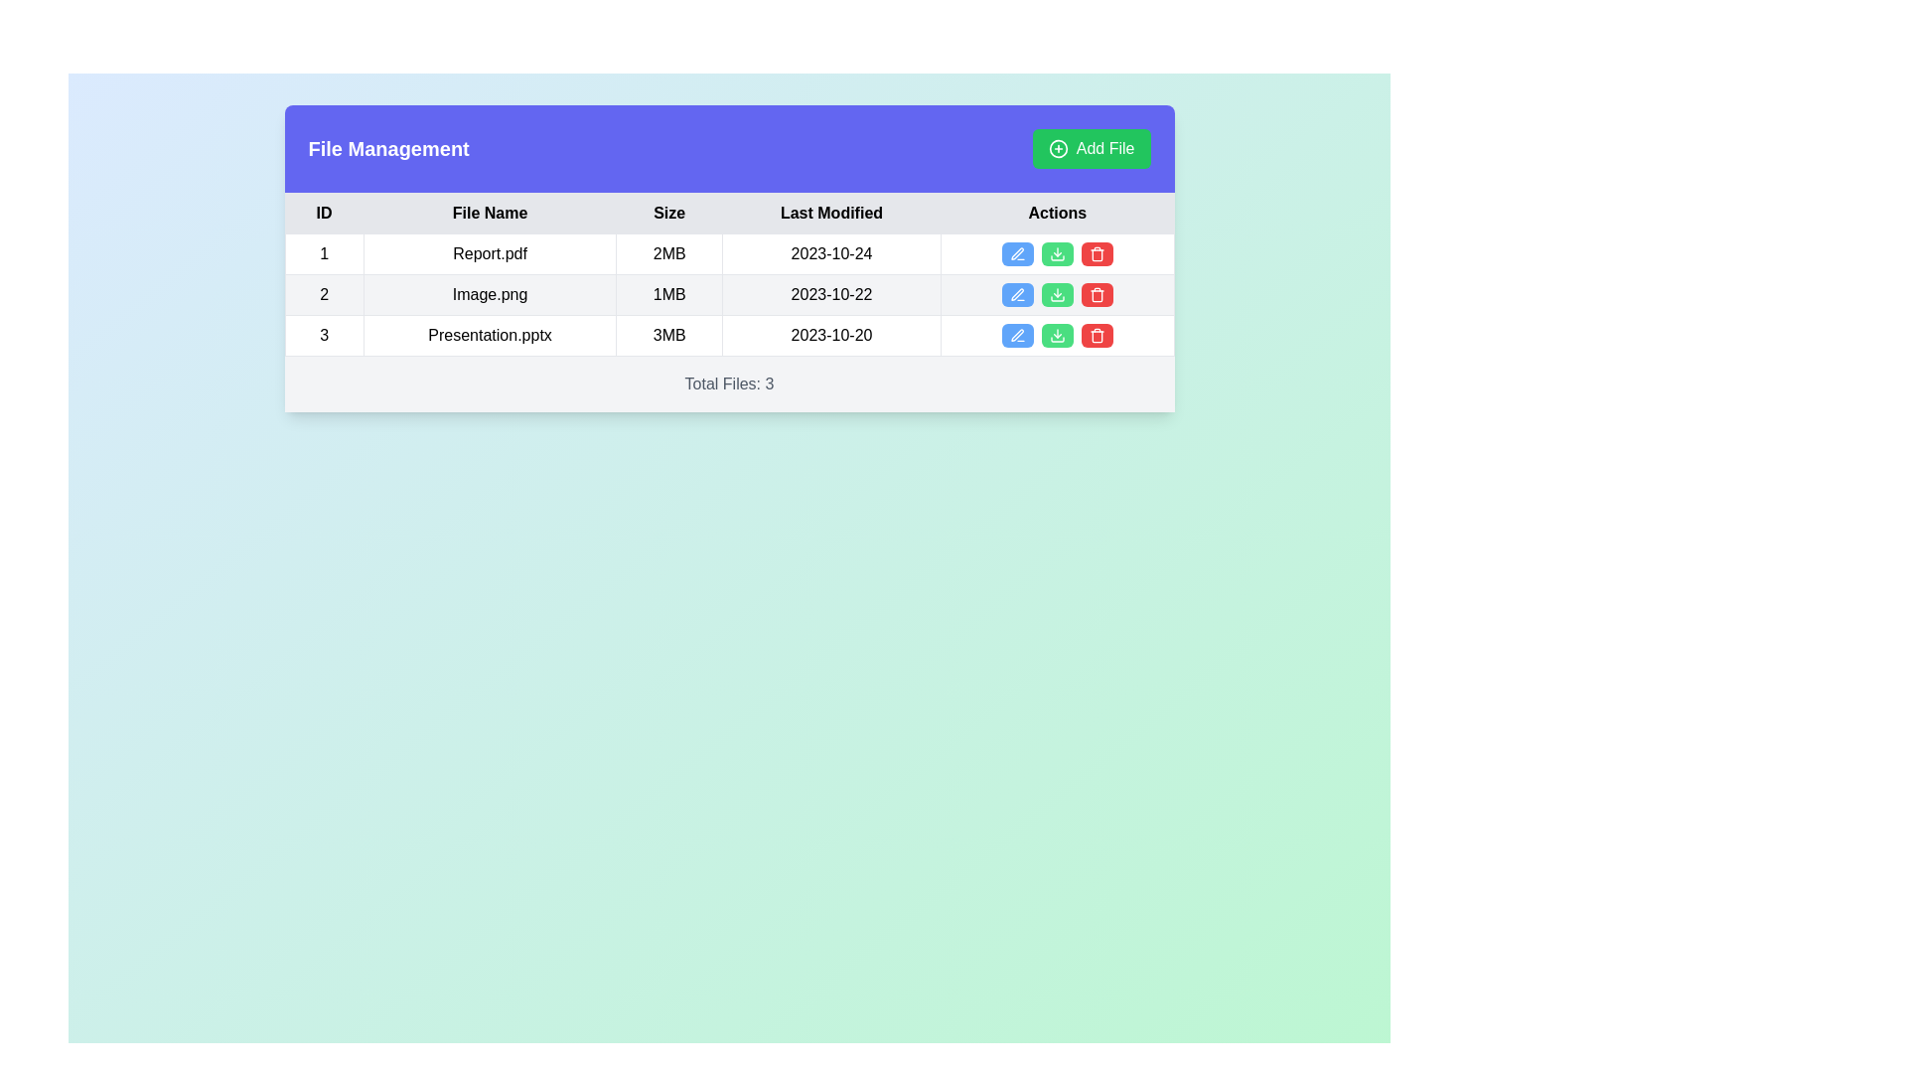  Describe the element at coordinates (728, 383) in the screenshot. I see `the static text label displaying 'Total Files: 3', which is located at the bottom of the table-like layout, with a gray background and centered text` at that location.